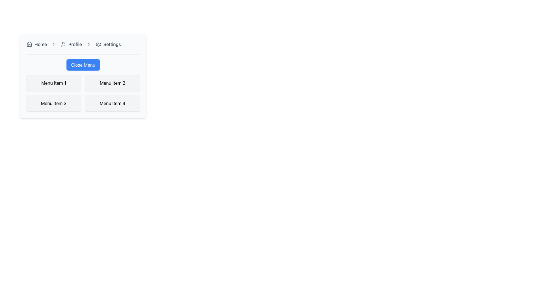 The width and height of the screenshot is (543, 305). What do you see at coordinates (98, 44) in the screenshot?
I see `the settings icon located near the upper right corner of the navigation bar, following the Profile and Settings labels` at bounding box center [98, 44].